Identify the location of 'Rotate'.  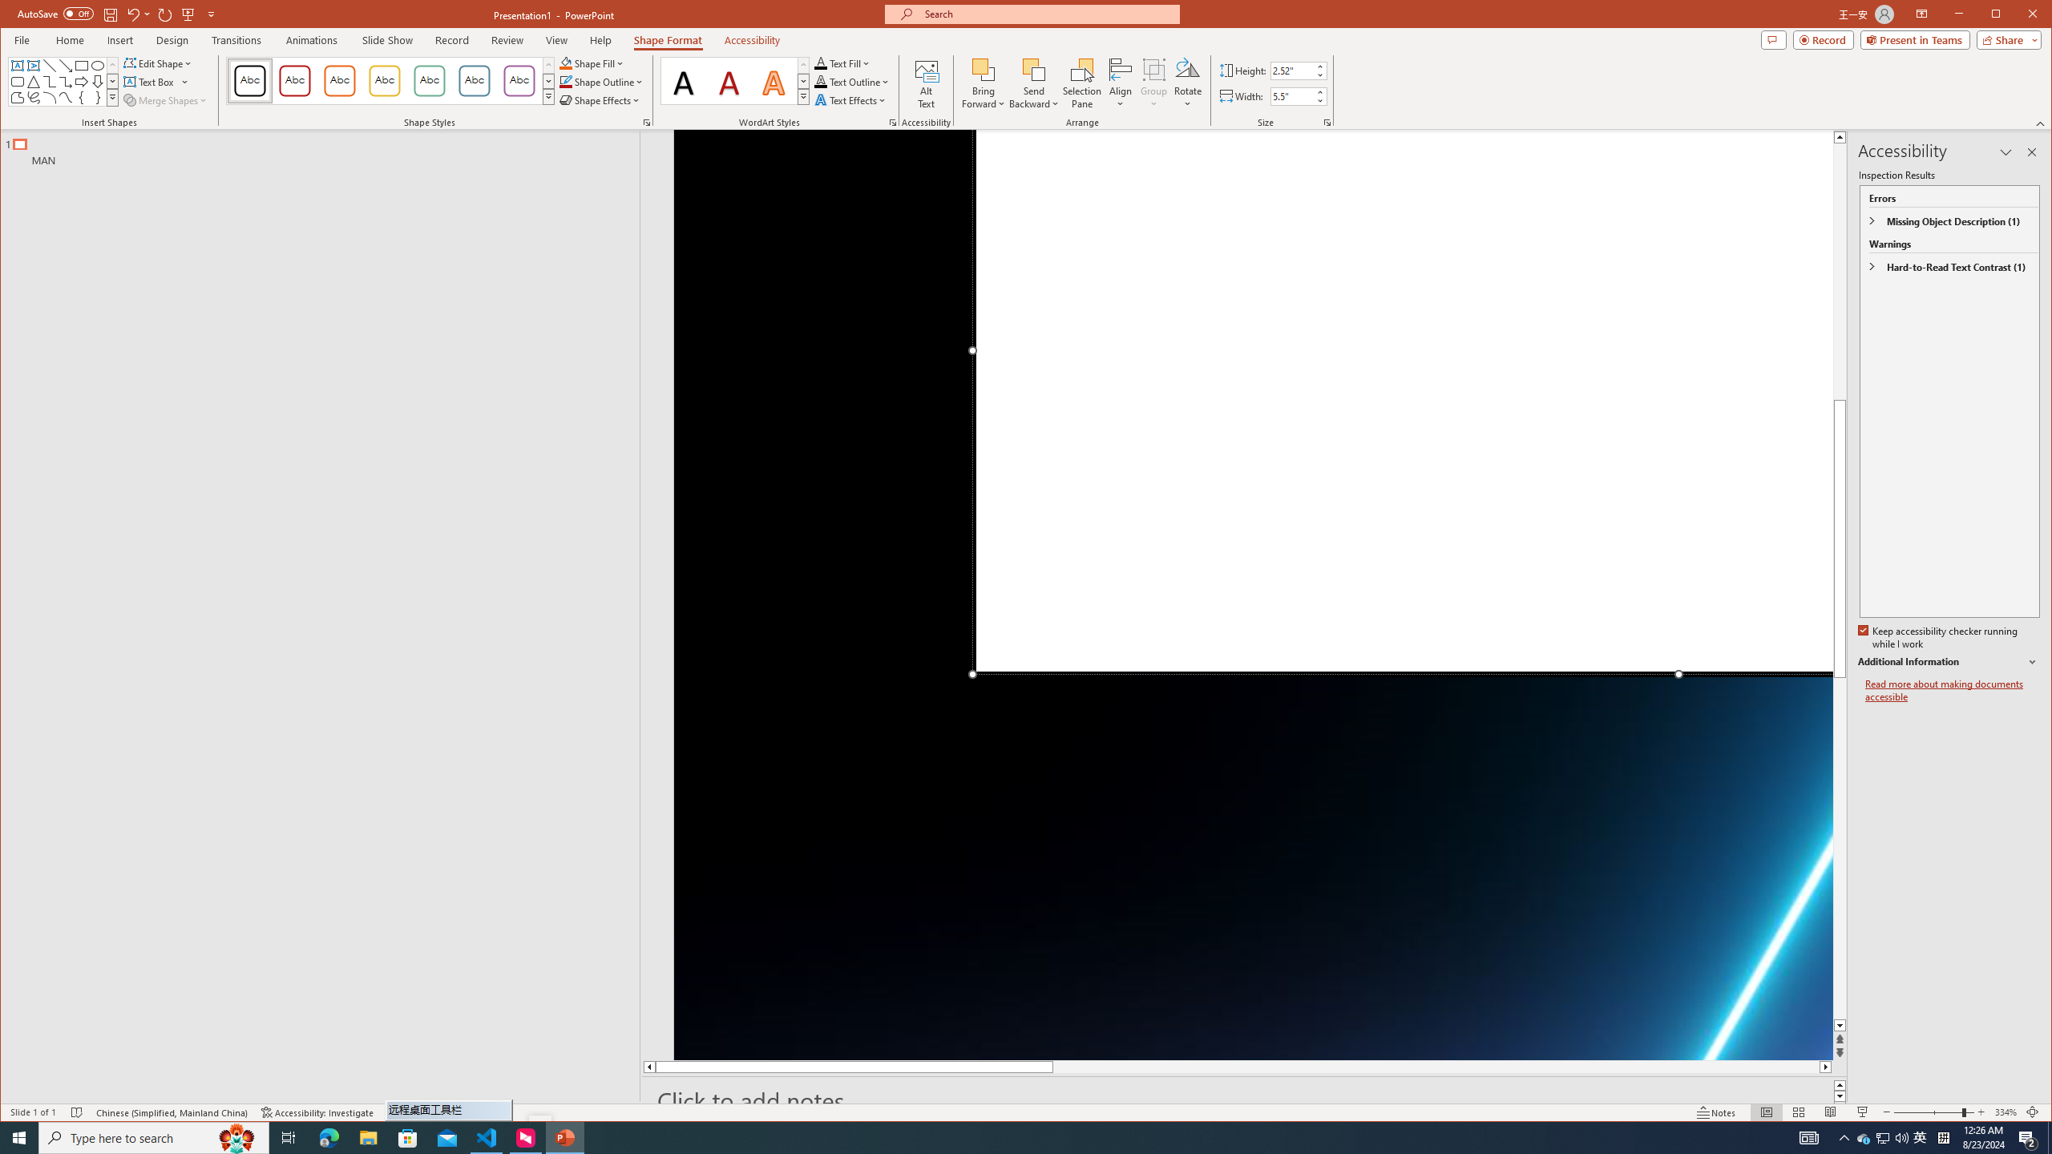
(1187, 83).